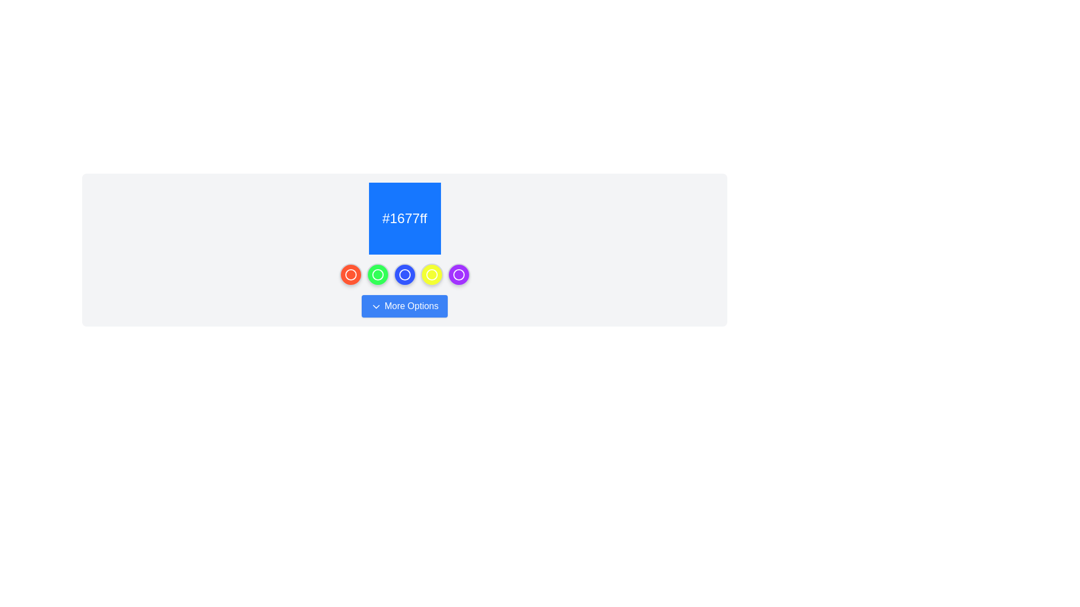  I want to click on the 'More Options' button, which is a blue rectangular button with rounded corners and white text, so click(404, 306).